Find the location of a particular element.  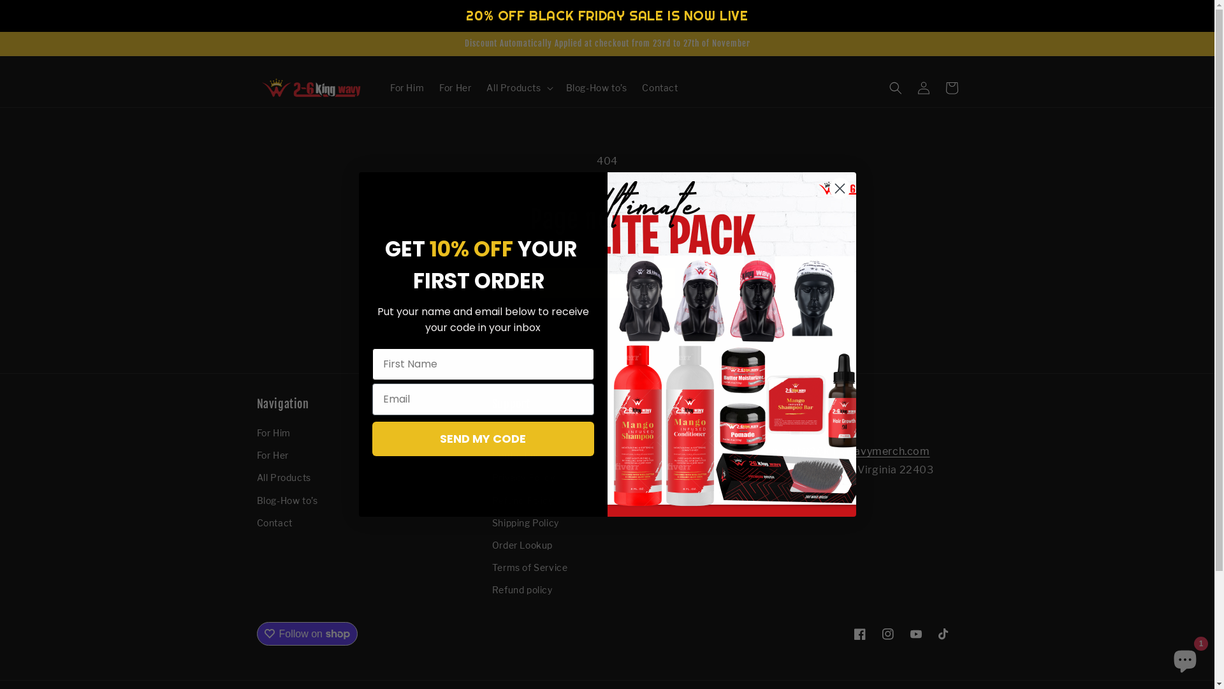

'Terms of Service' is located at coordinates (530, 567).